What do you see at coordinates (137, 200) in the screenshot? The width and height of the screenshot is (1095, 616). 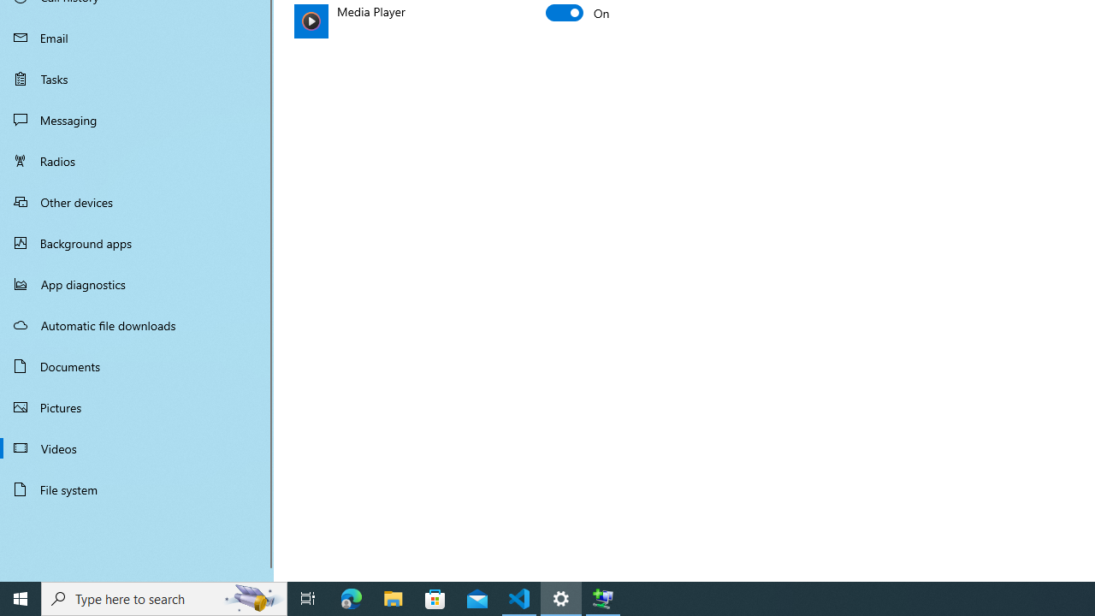 I see `'Other devices'` at bounding box center [137, 200].